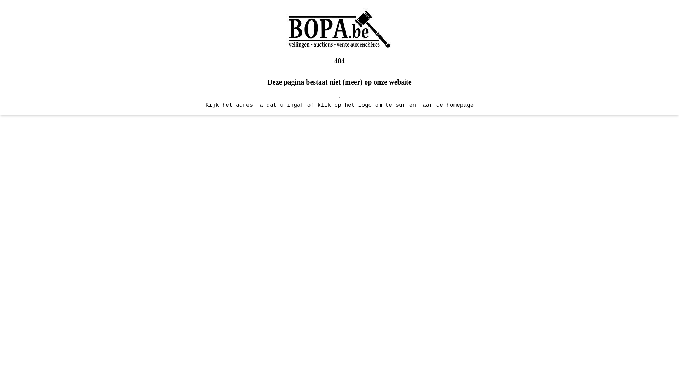 This screenshot has height=382, width=679. I want to click on 'homepage', so click(460, 105).